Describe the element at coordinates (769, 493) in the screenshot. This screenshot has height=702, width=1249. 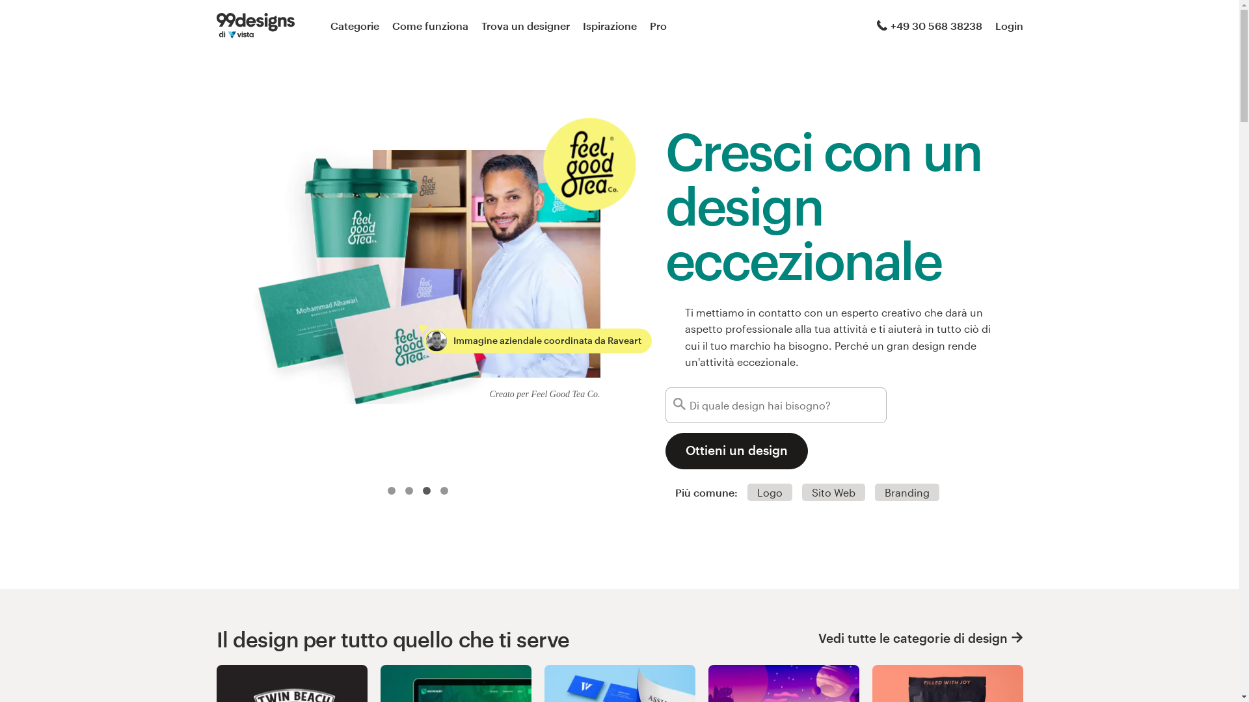
I see `'Logo'` at that location.